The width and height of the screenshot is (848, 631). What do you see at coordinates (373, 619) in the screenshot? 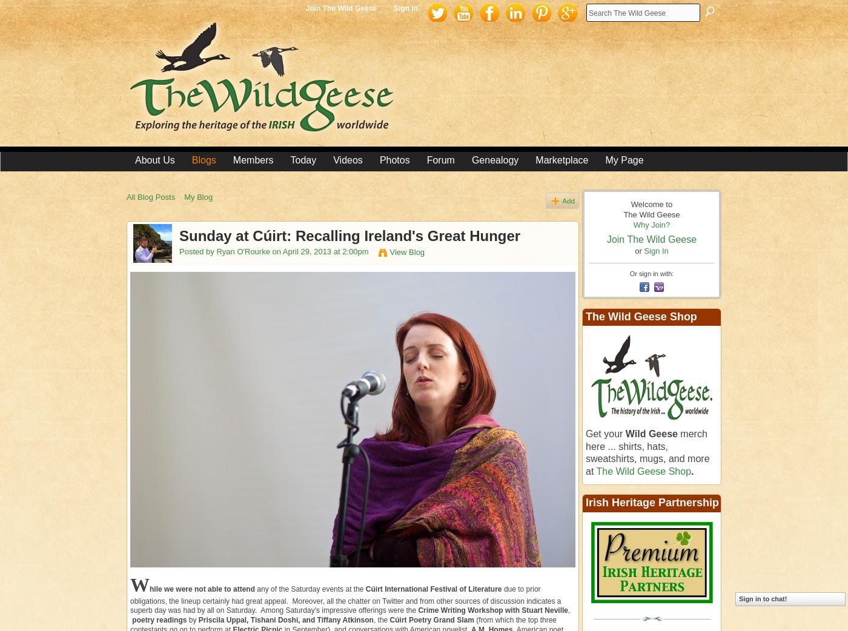
I see `', the'` at bounding box center [373, 619].